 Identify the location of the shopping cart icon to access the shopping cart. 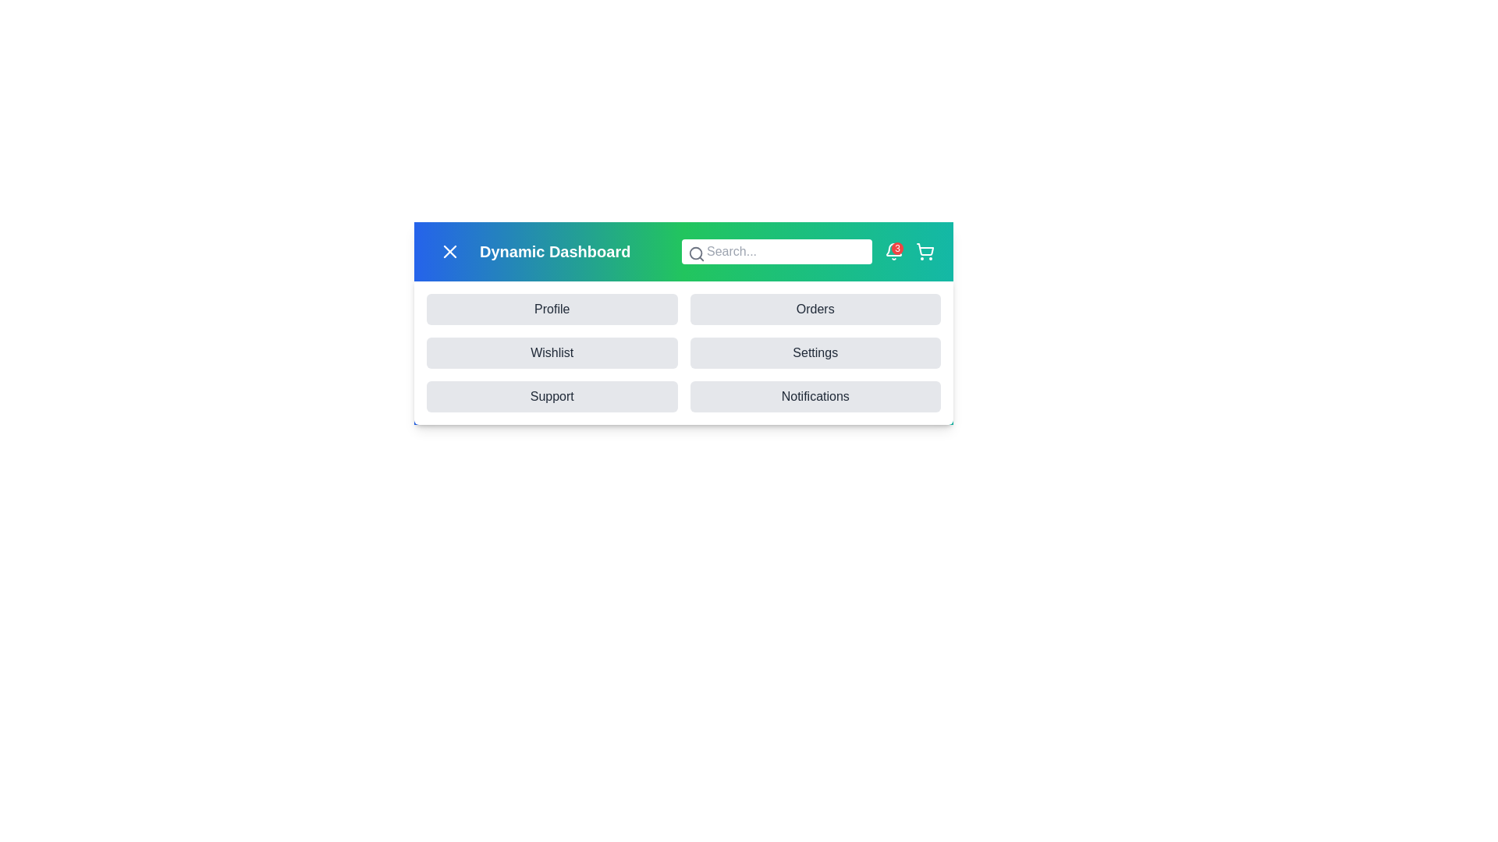
(925, 251).